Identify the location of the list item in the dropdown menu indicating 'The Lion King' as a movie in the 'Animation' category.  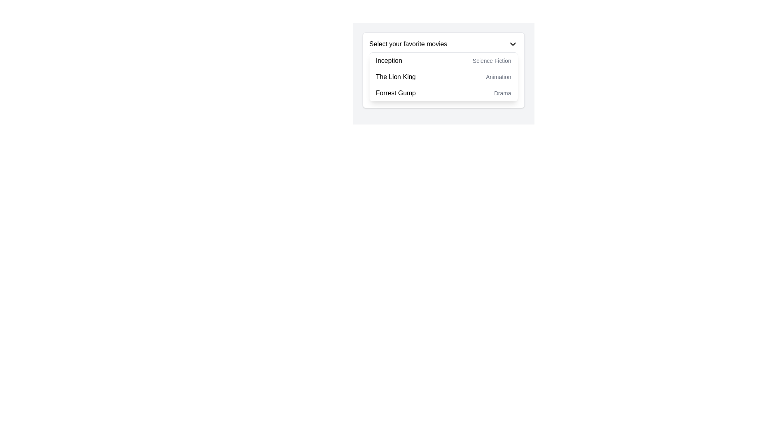
(443, 77).